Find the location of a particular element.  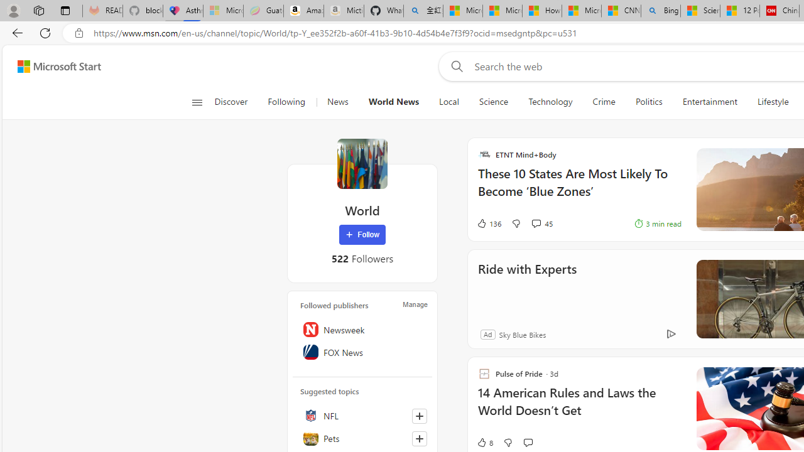

'How I Got Rid of Microsoft Edge' is located at coordinates (541, 11).